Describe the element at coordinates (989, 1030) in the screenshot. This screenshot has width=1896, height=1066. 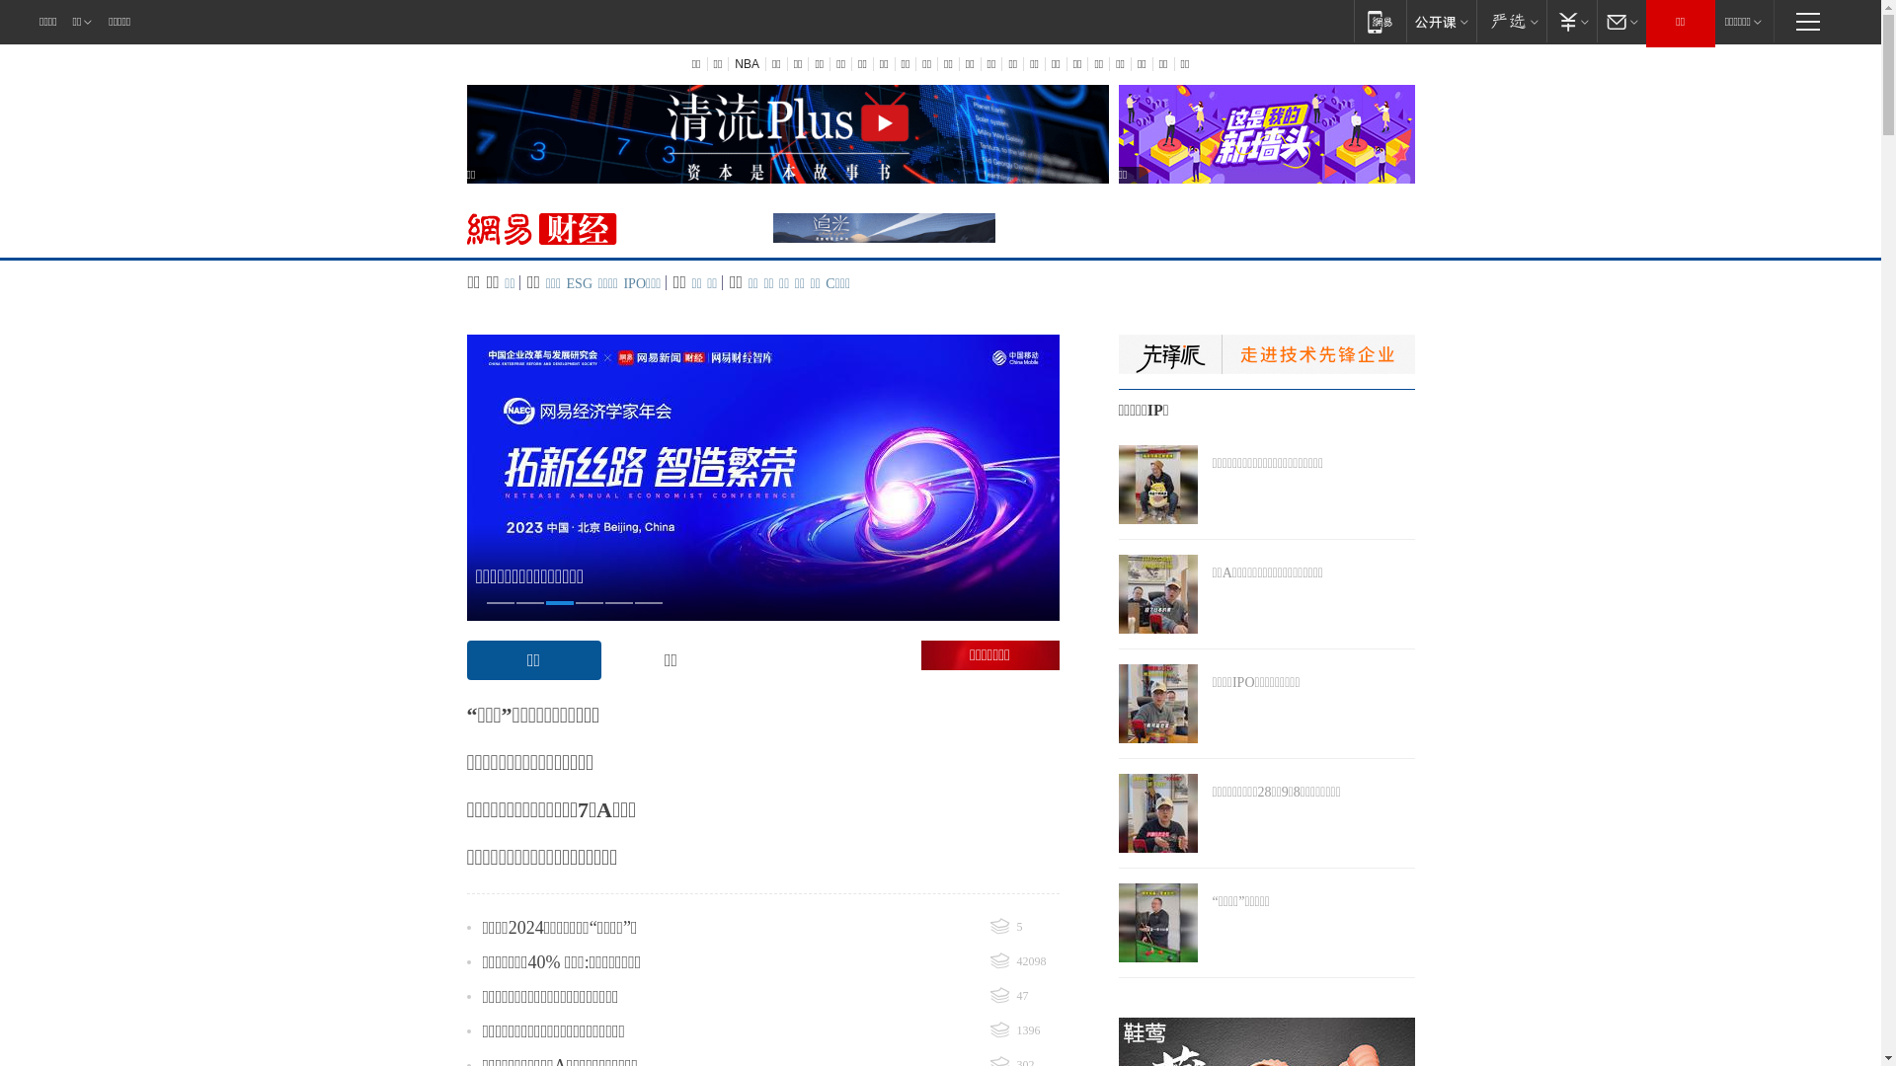
I see `'1396'` at that location.